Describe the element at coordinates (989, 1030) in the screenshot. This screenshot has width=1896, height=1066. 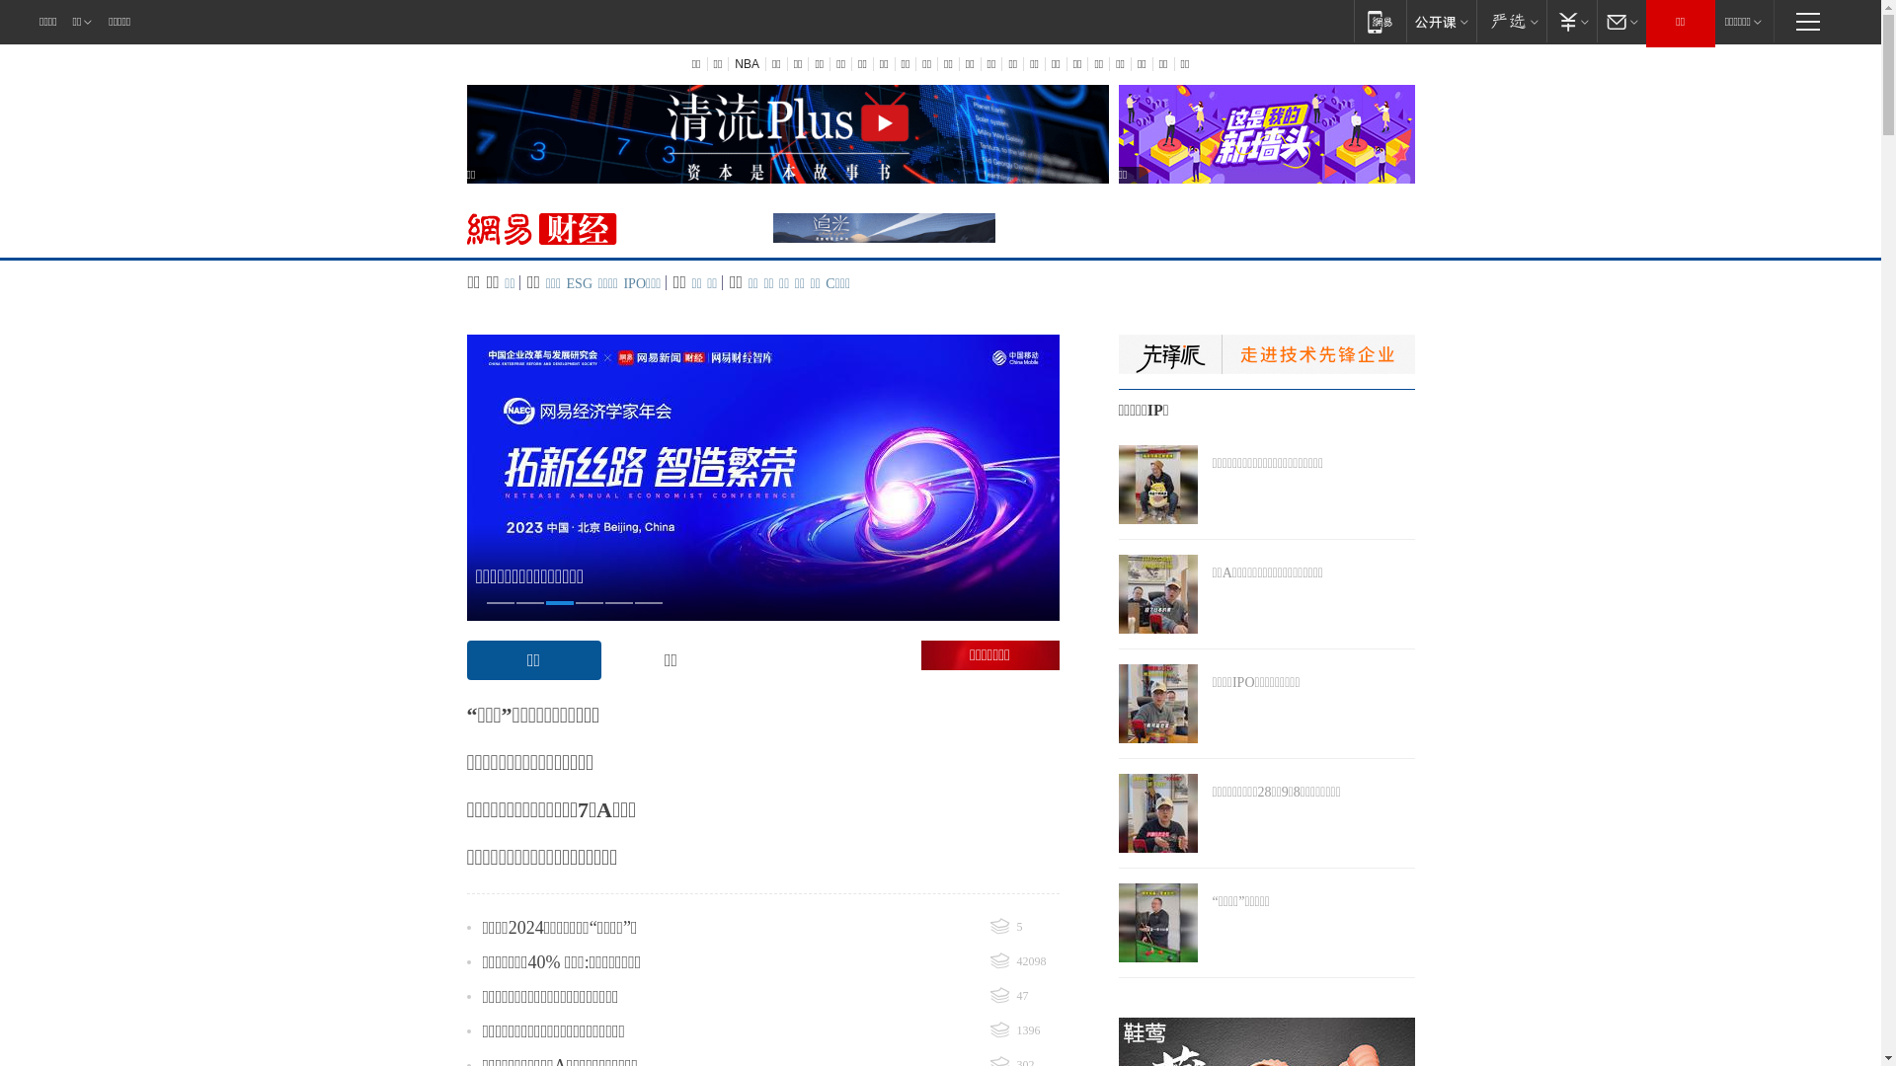
I see `'1396'` at that location.